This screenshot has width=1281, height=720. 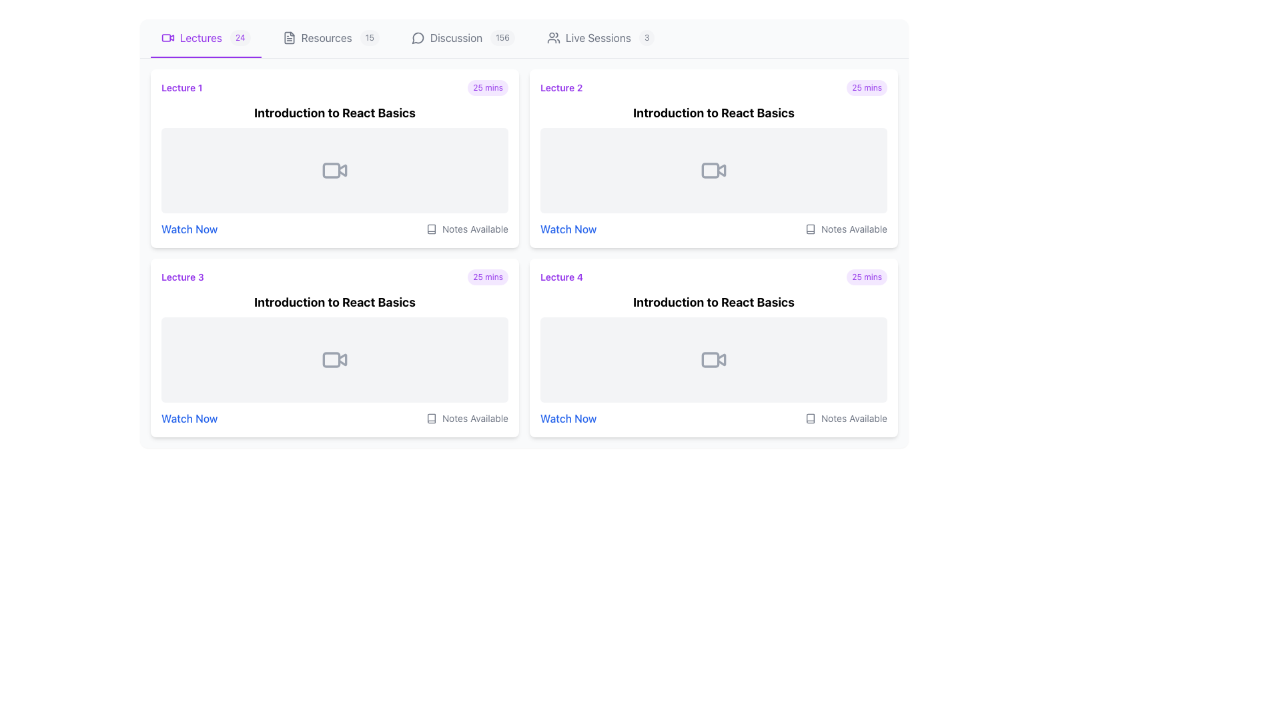 What do you see at coordinates (713, 169) in the screenshot?
I see `the video camera icon with a gray outline located inside the second lecture's card in the top-right quadrant of the displayed grid` at bounding box center [713, 169].